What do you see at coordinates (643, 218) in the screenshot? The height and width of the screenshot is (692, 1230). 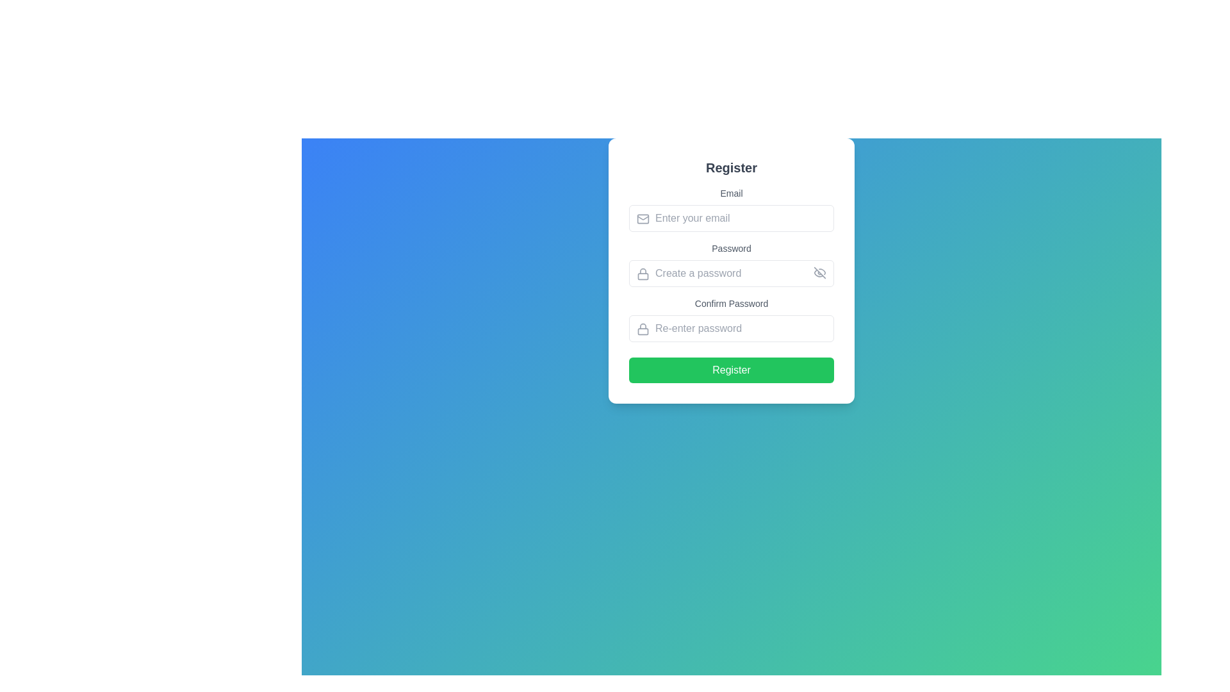 I see `the envelope icon representing the email address field, which is outlined in light gray and positioned on the left side of the input field` at bounding box center [643, 218].